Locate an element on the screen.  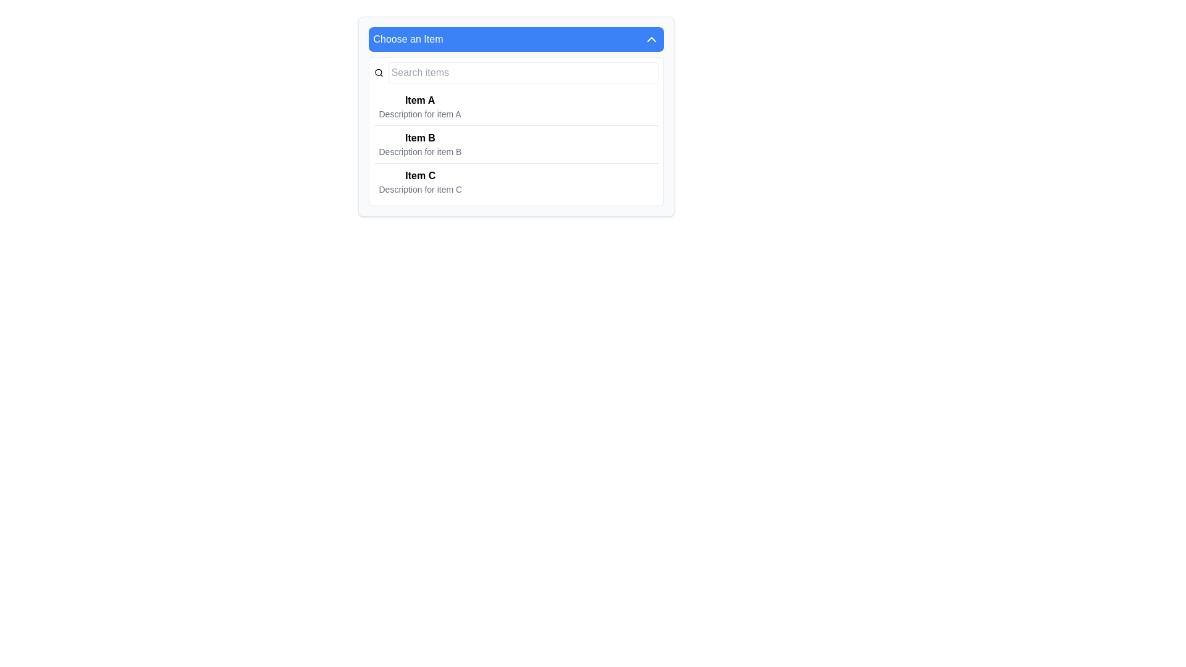
text label displaying 'Item C', which is bold and located as the third item in the dropdown box titled 'Choose an Item', above the description text 'Description for item C' is located at coordinates (420, 176).